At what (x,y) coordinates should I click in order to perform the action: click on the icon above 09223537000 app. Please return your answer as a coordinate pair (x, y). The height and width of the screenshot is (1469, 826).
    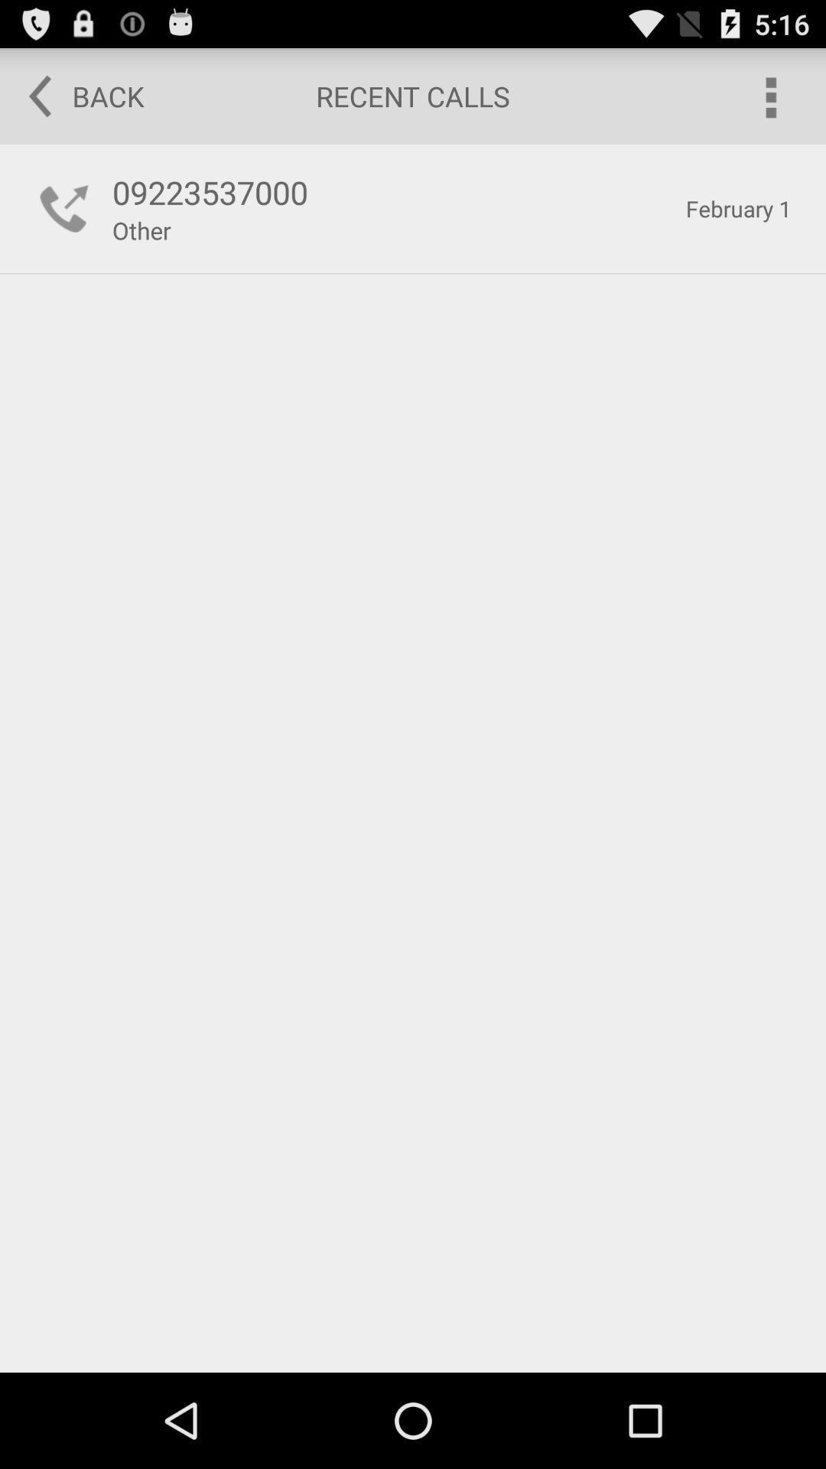
    Looking at the image, I should click on (76, 95).